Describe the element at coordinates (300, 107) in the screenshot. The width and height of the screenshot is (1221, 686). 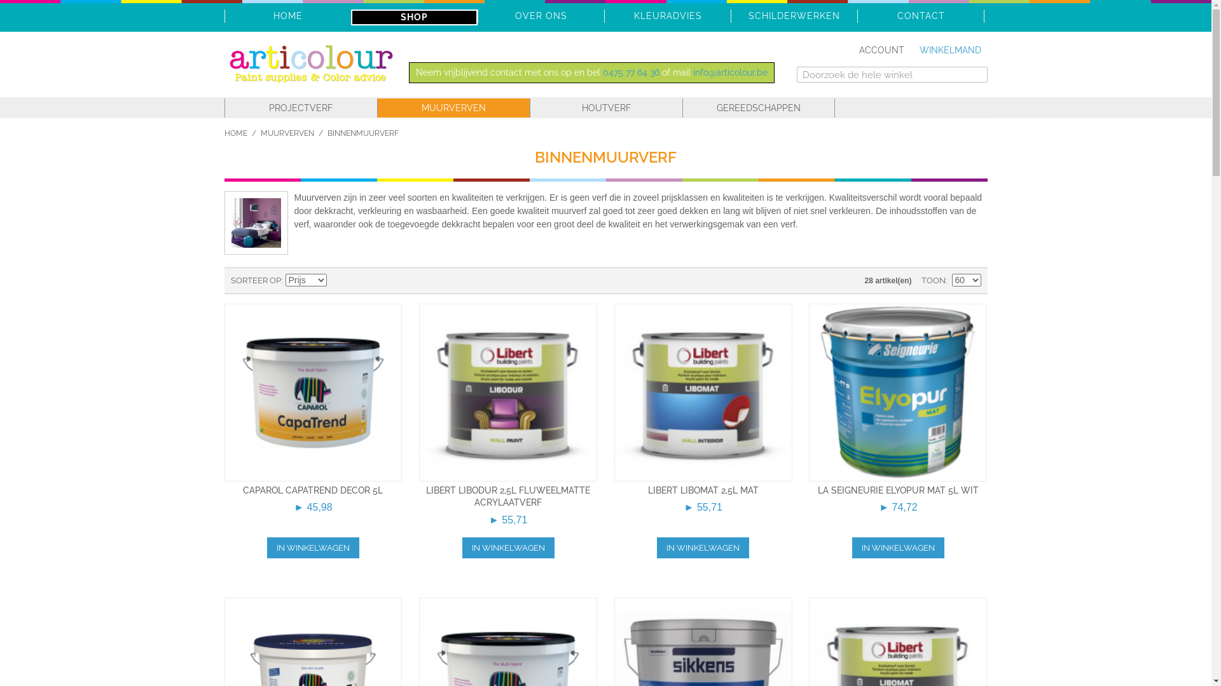
I see `'PROJECTVERF'` at that location.